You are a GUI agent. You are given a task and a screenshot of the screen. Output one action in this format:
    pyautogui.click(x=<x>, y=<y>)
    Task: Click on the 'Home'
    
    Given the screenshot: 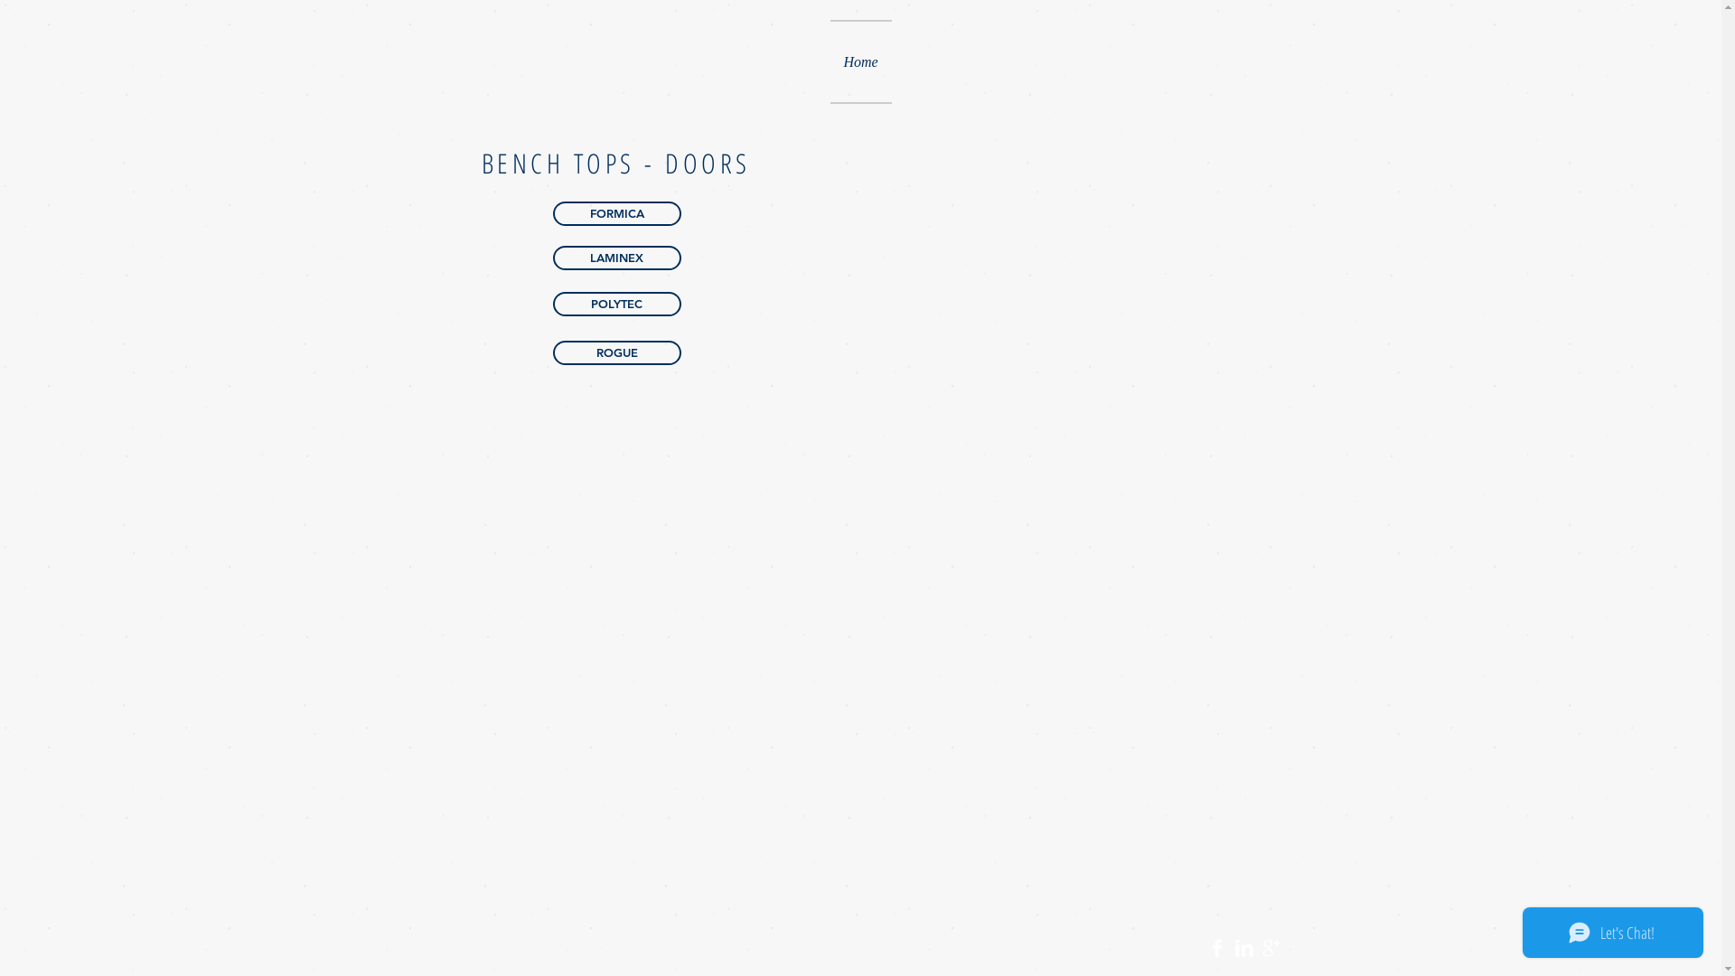 What is the action you would take?
    pyautogui.click(x=858, y=61)
    